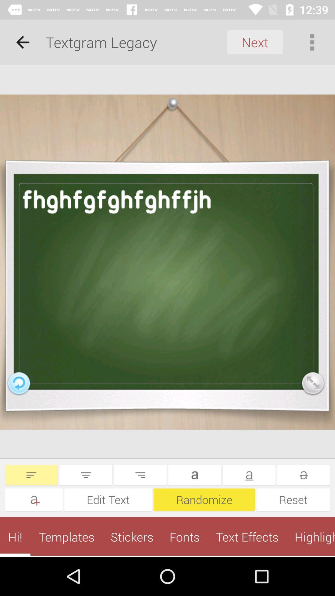 This screenshot has height=596, width=335. What do you see at coordinates (293, 499) in the screenshot?
I see `the app above the text effects item` at bounding box center [293, 499].